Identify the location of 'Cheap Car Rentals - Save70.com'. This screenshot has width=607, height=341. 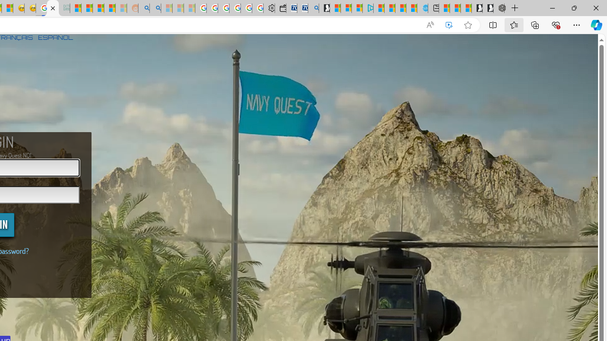
(302, 8).